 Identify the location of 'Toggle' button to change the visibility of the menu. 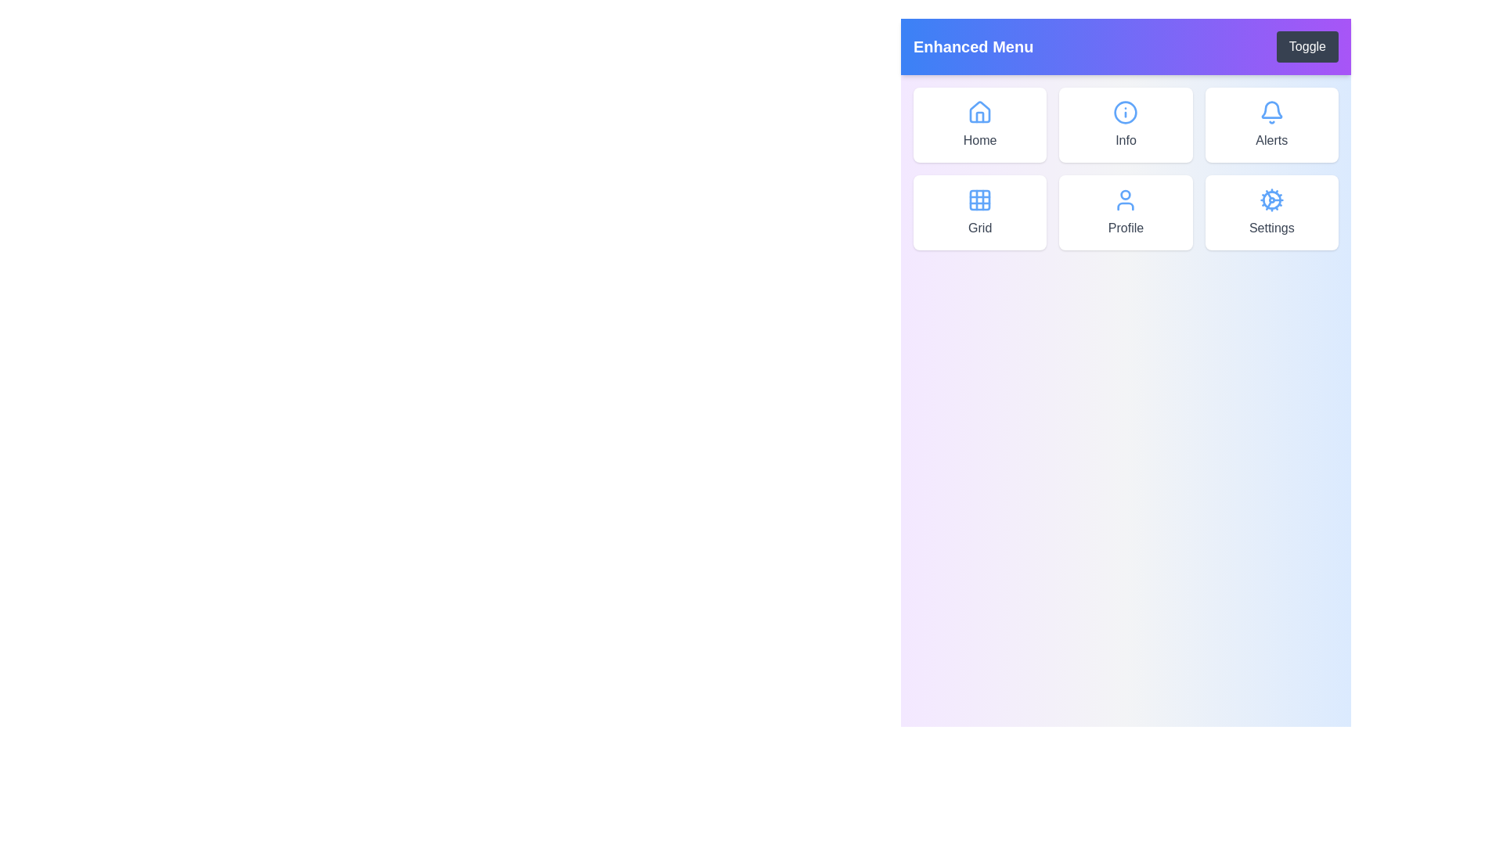
(1307, 46).